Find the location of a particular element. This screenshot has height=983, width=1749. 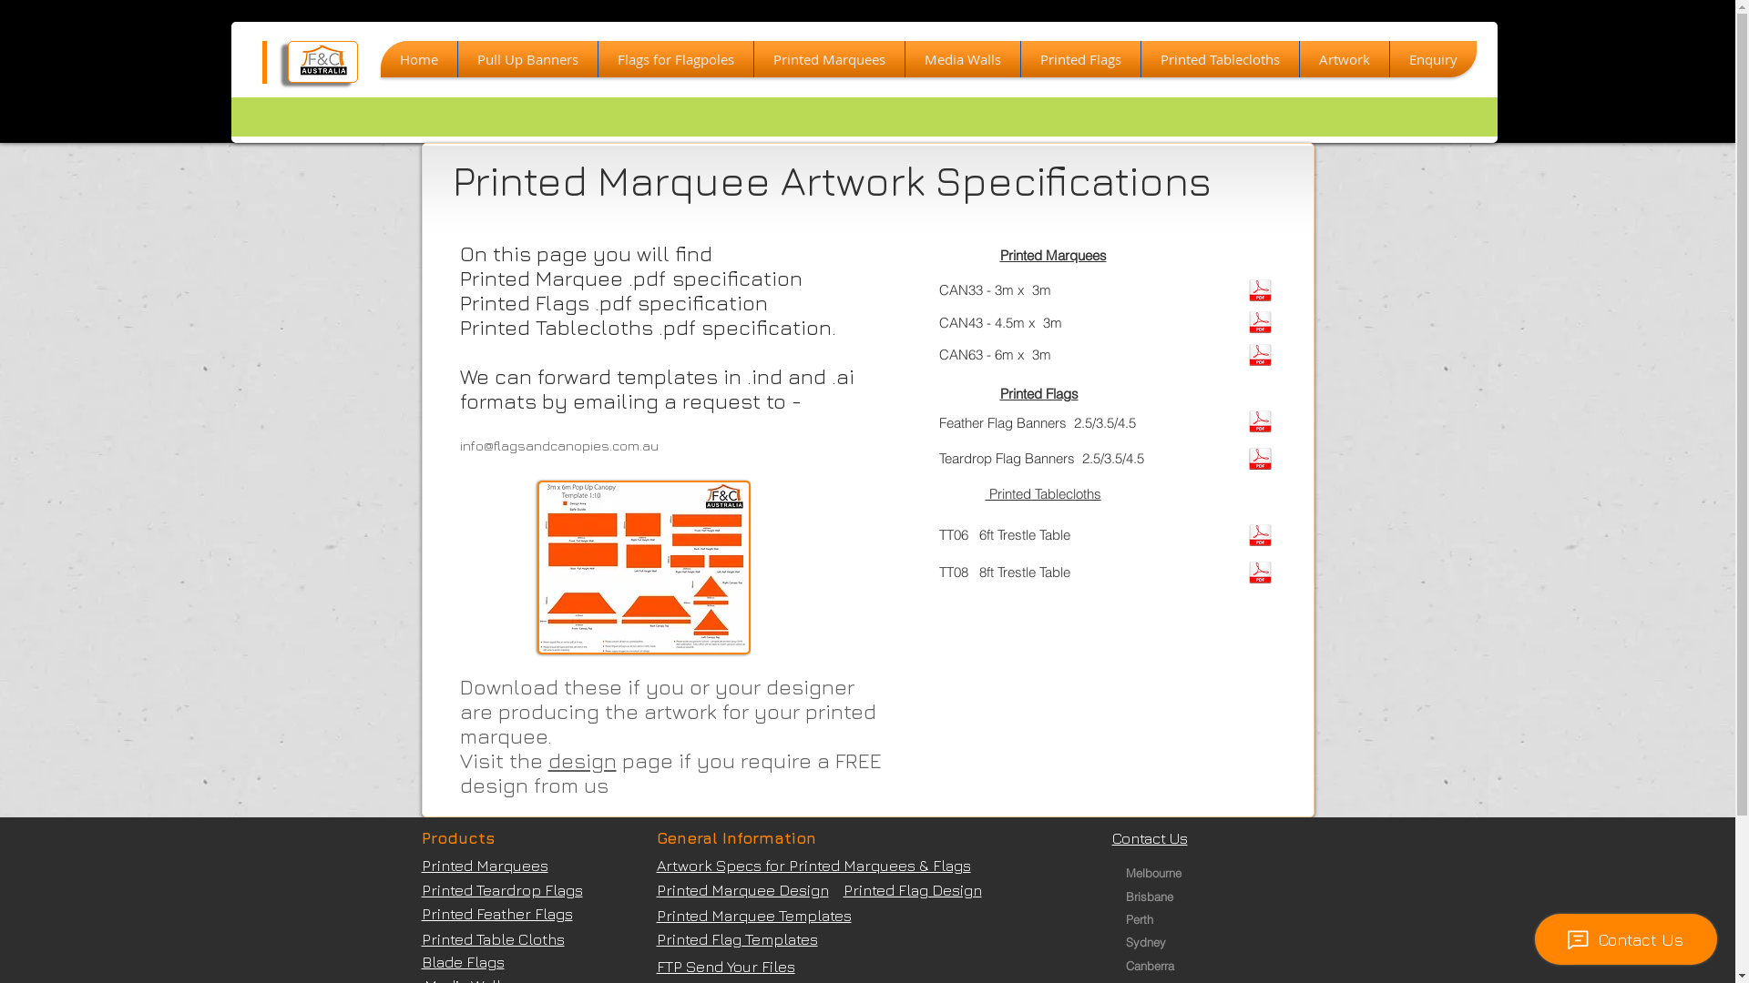

'Melbourne  ' is located at coordinates (1156, 872).